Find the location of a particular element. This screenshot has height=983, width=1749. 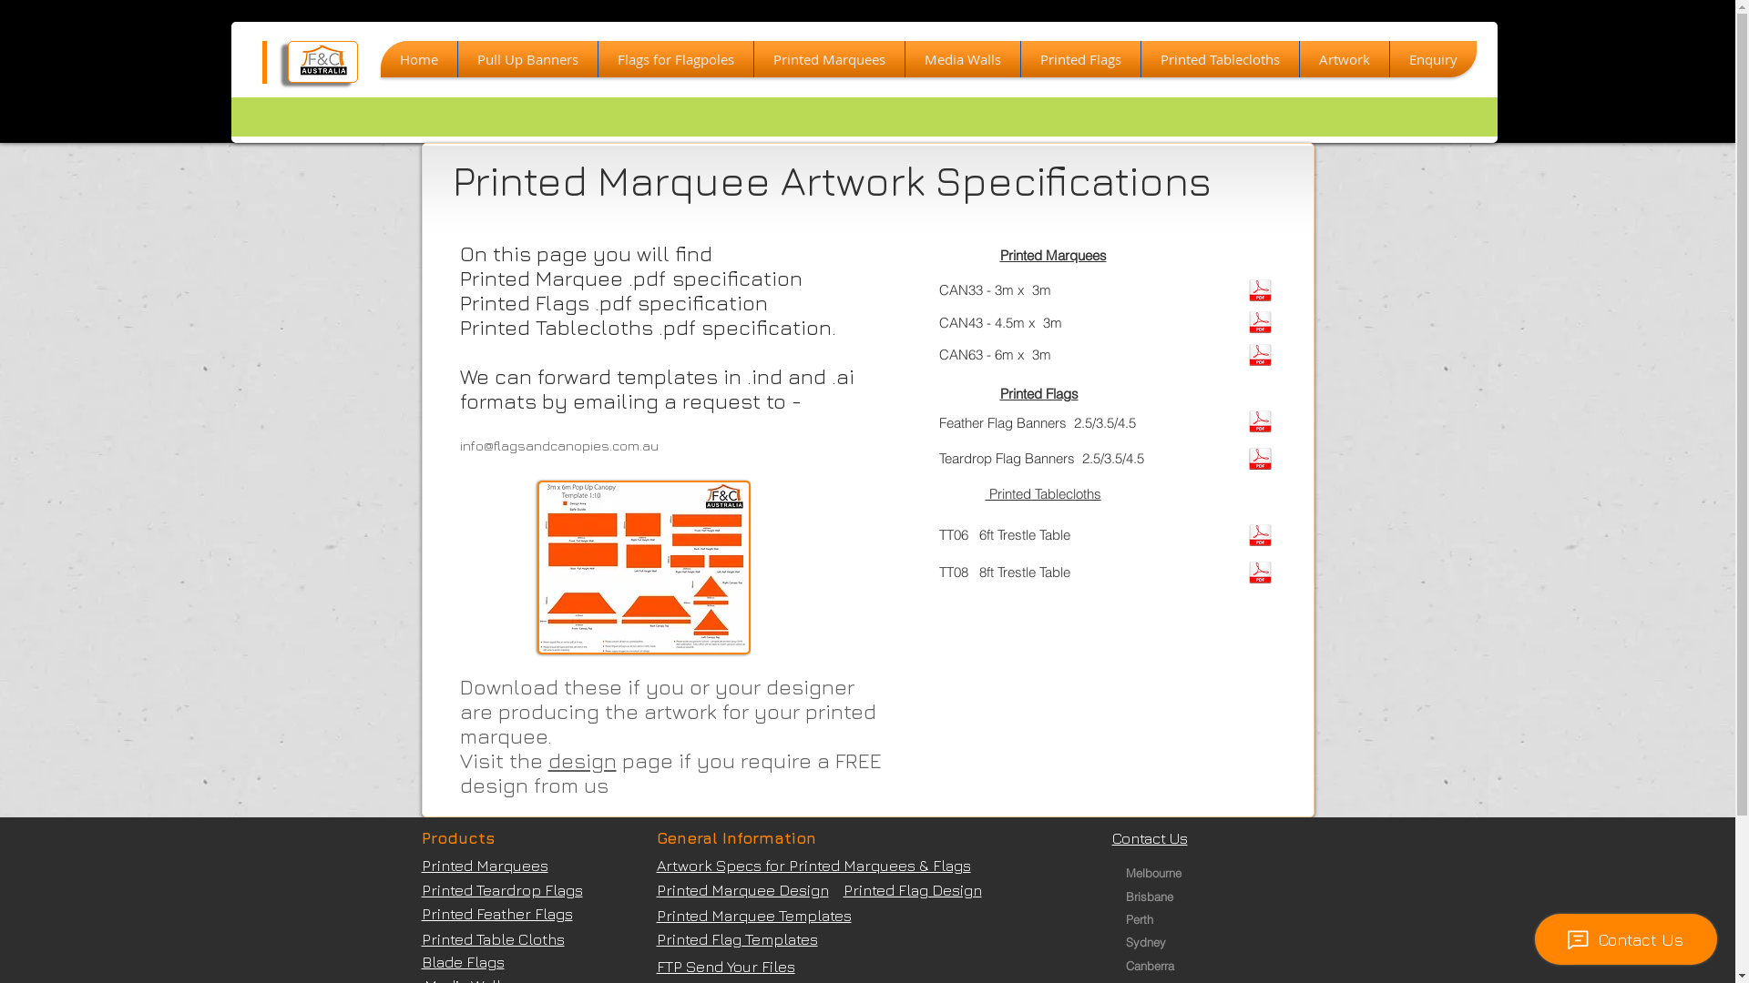

'Melbourne  ' is located at coordinates (1156, 872).